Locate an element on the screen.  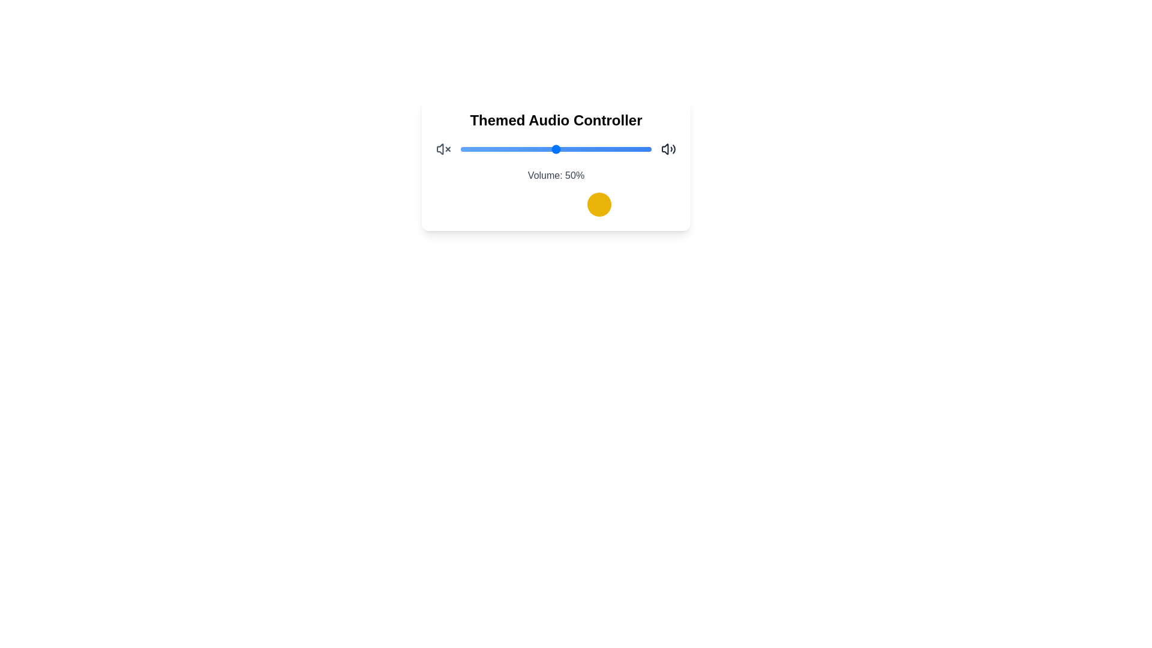
the volume slider to set the volume to 95% is located at coordinates (641, 149).